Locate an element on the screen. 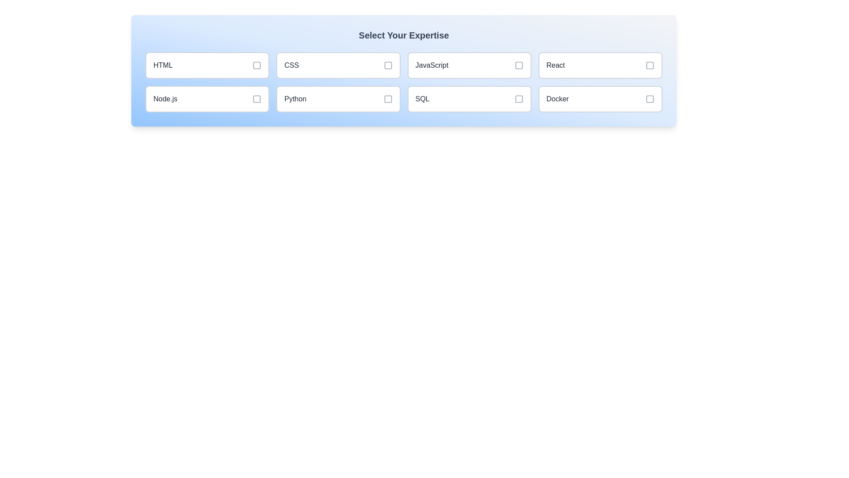 This screenshot has width=849, height=478. the skill item labeled Docker to toggle its selection state is located at coordinates (600, 99).